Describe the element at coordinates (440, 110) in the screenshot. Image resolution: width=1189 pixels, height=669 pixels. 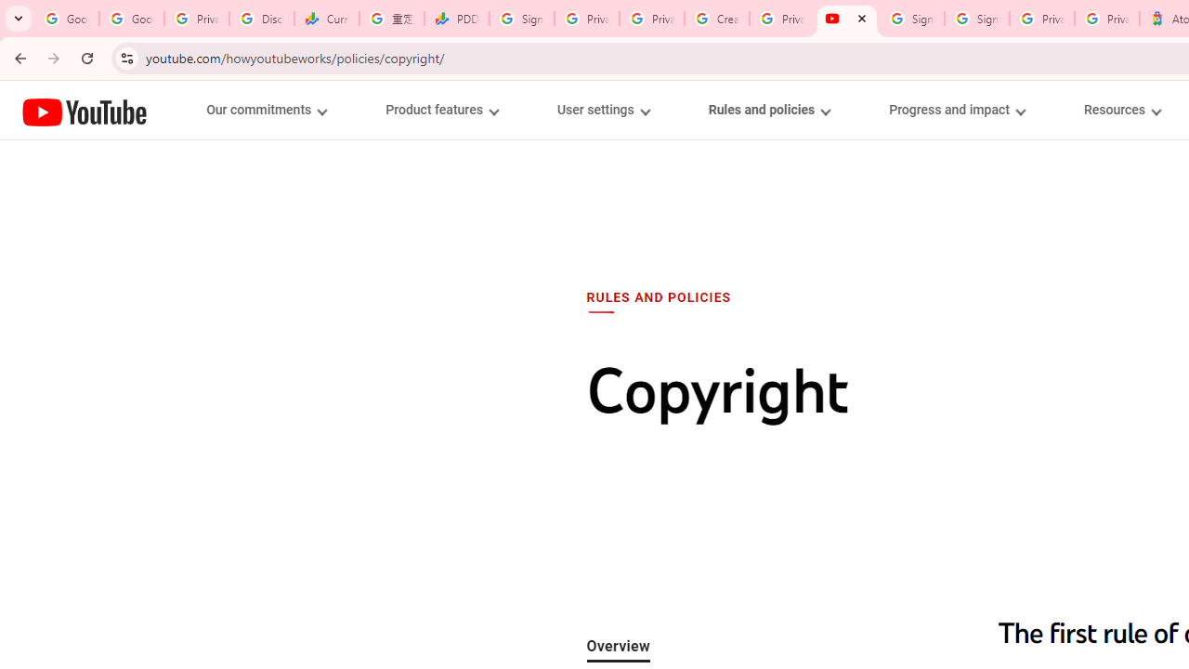
I see `'Product features menupopup'` at that location.